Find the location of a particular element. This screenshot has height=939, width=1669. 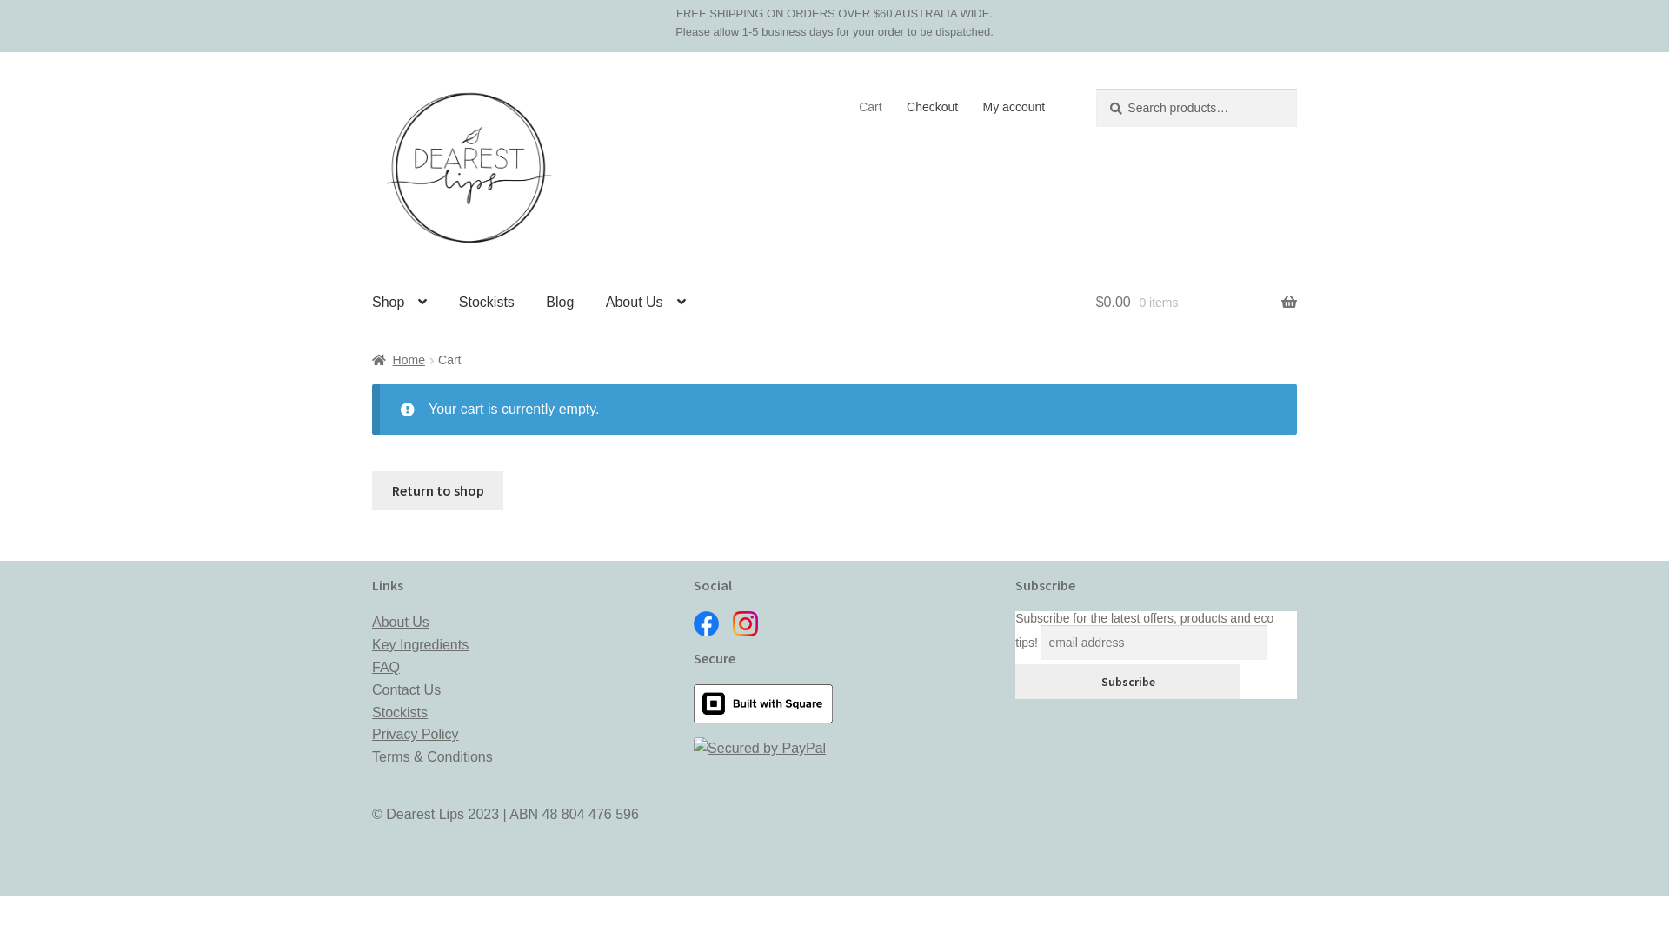

'Checkout' is located at coordinates (932, 107).